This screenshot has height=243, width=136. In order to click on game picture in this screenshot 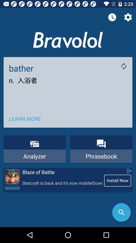, I will do `click(12, 177)`.